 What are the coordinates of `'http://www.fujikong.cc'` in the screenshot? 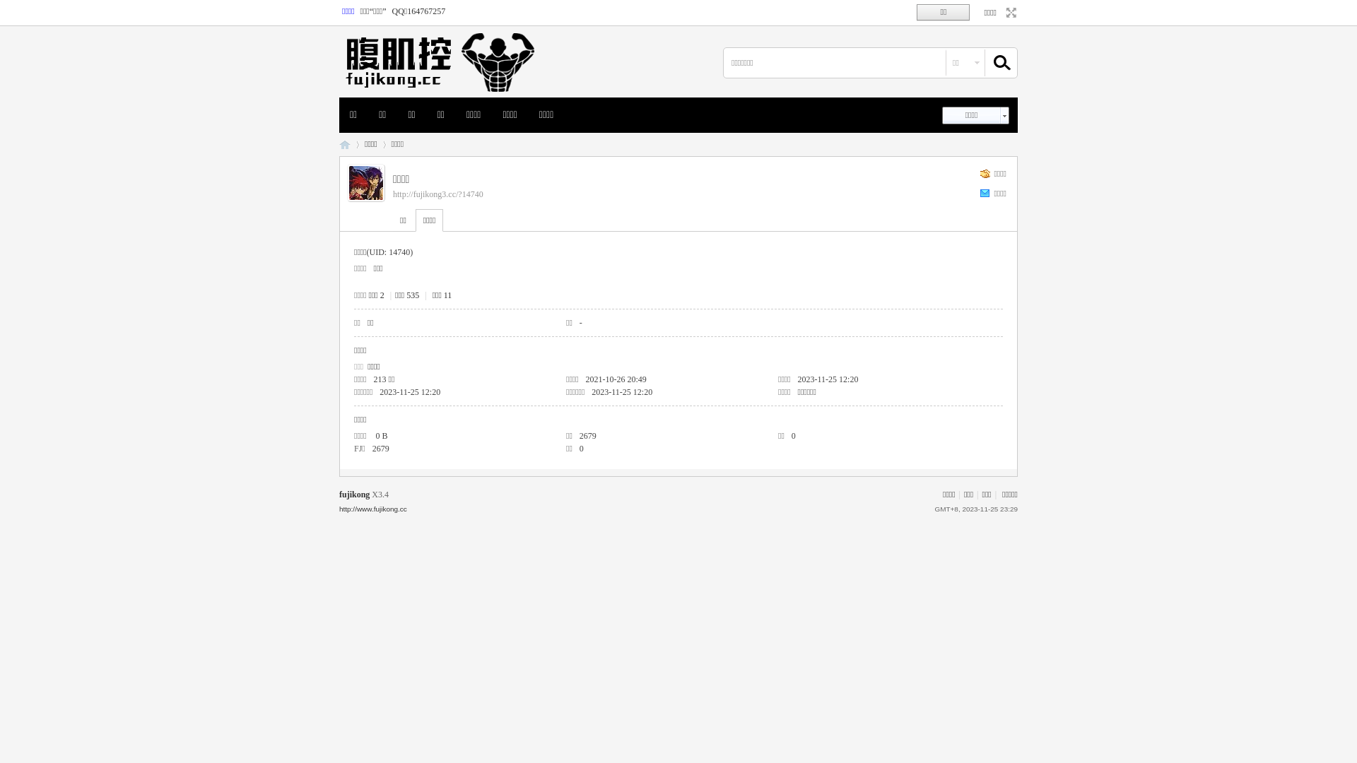 It's located at (373, 509).